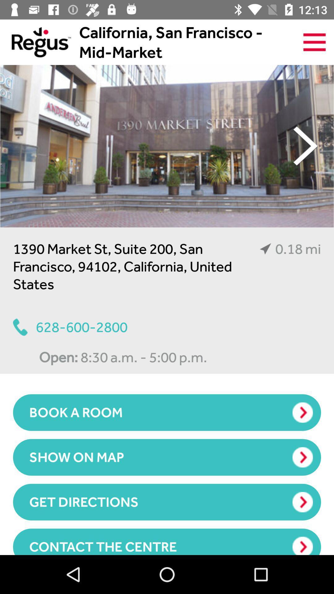 The width and height of the screenshot is (334, 594). I want to click on contact the centre item, so click(167, 541).